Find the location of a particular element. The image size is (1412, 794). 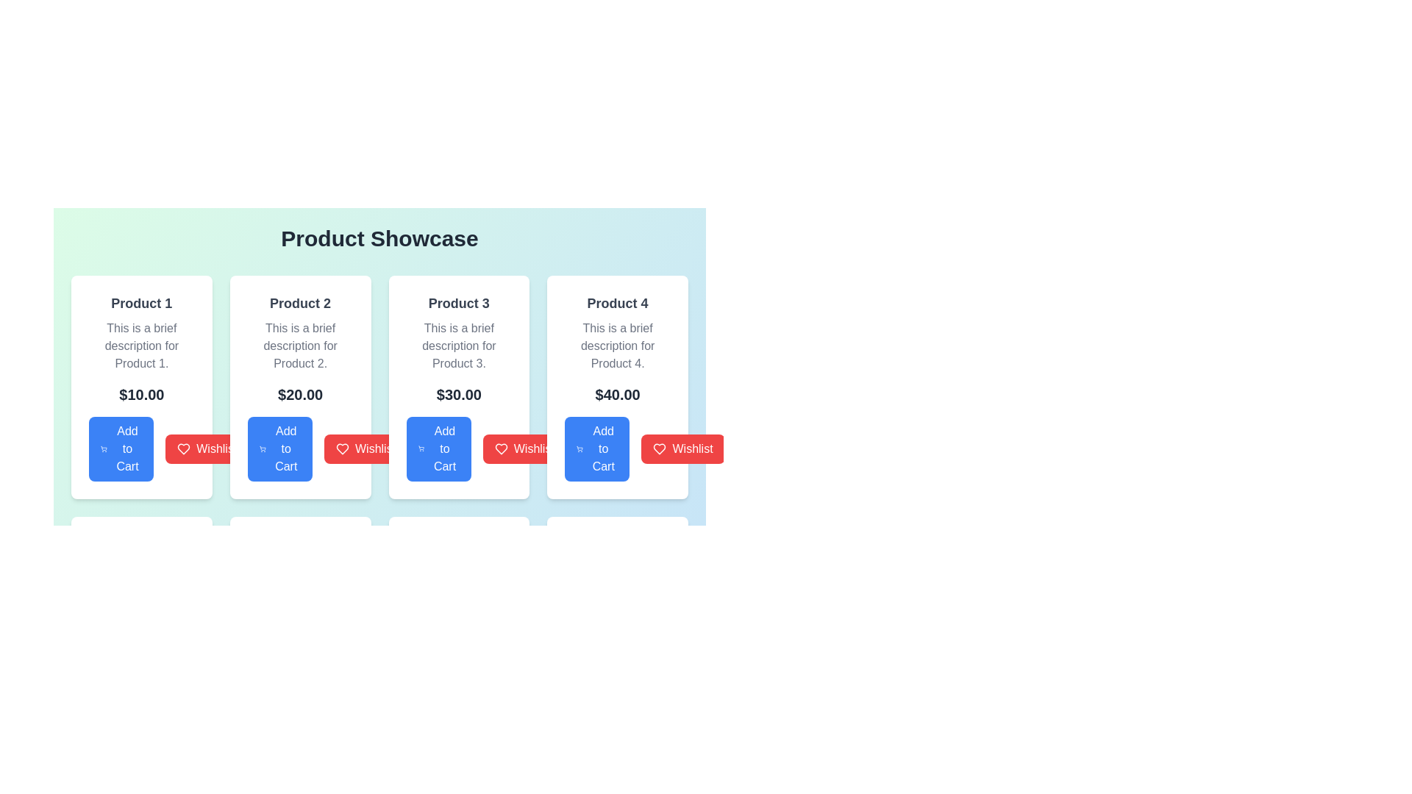

the heart-shaped icon within the red 'Wishlist' button below Product 3 is located at coordinates (501, 448).